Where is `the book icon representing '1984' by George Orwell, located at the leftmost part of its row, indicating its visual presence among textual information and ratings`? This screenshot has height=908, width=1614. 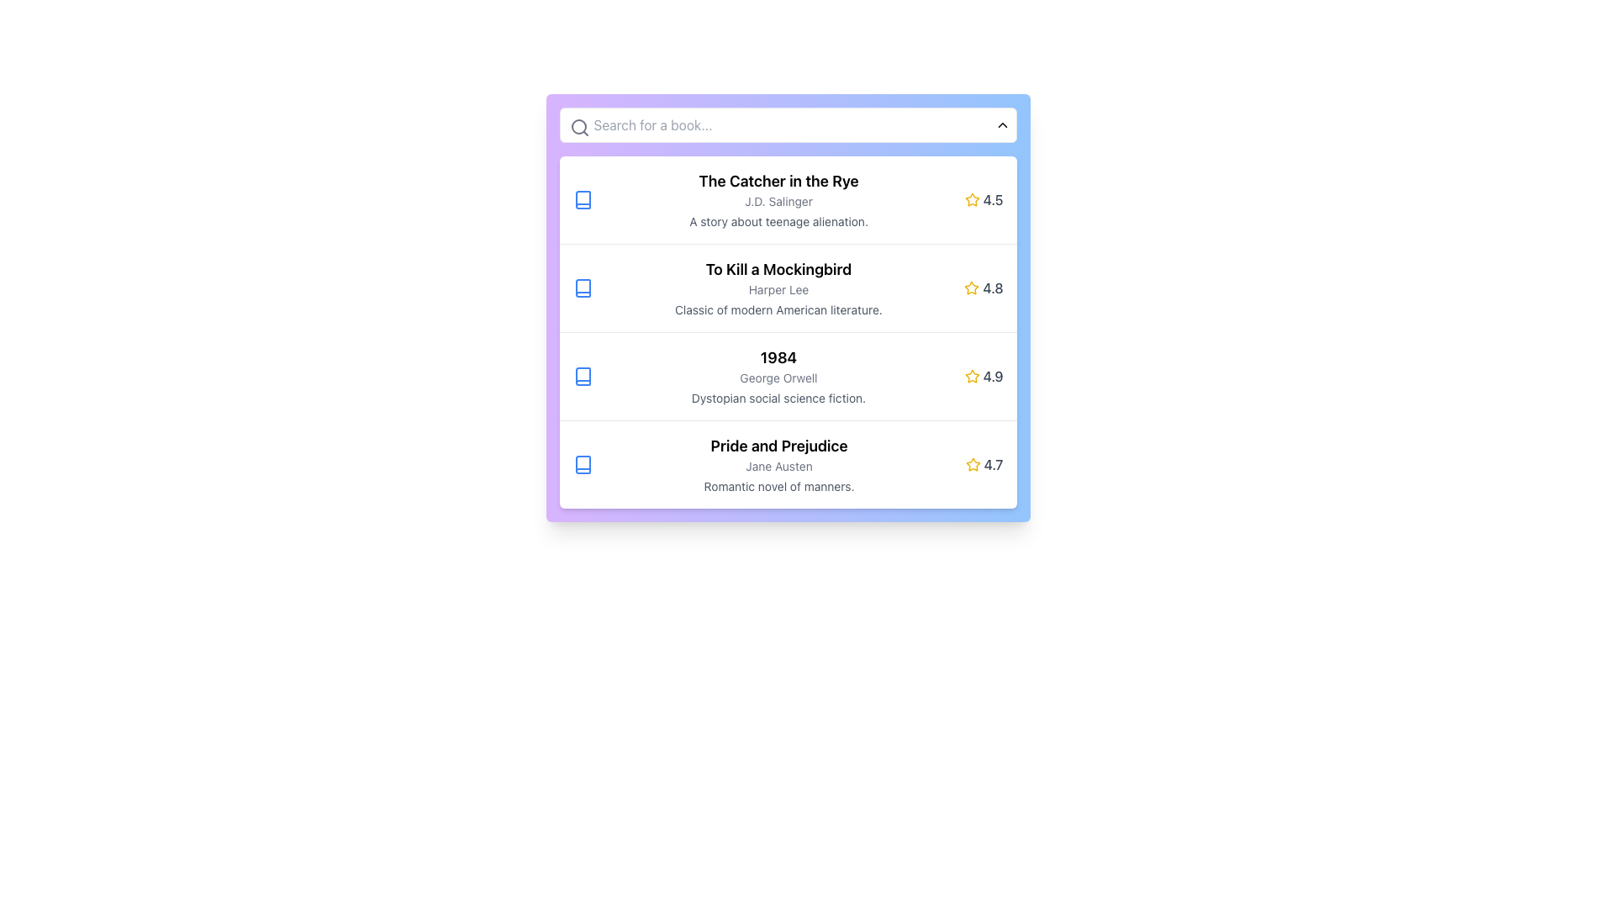
the book icon representing '1984' by George Orwell, located at the leftmost part of its row, indicating its visual presence among textual information and ratings is located at coordinates (583, 375).